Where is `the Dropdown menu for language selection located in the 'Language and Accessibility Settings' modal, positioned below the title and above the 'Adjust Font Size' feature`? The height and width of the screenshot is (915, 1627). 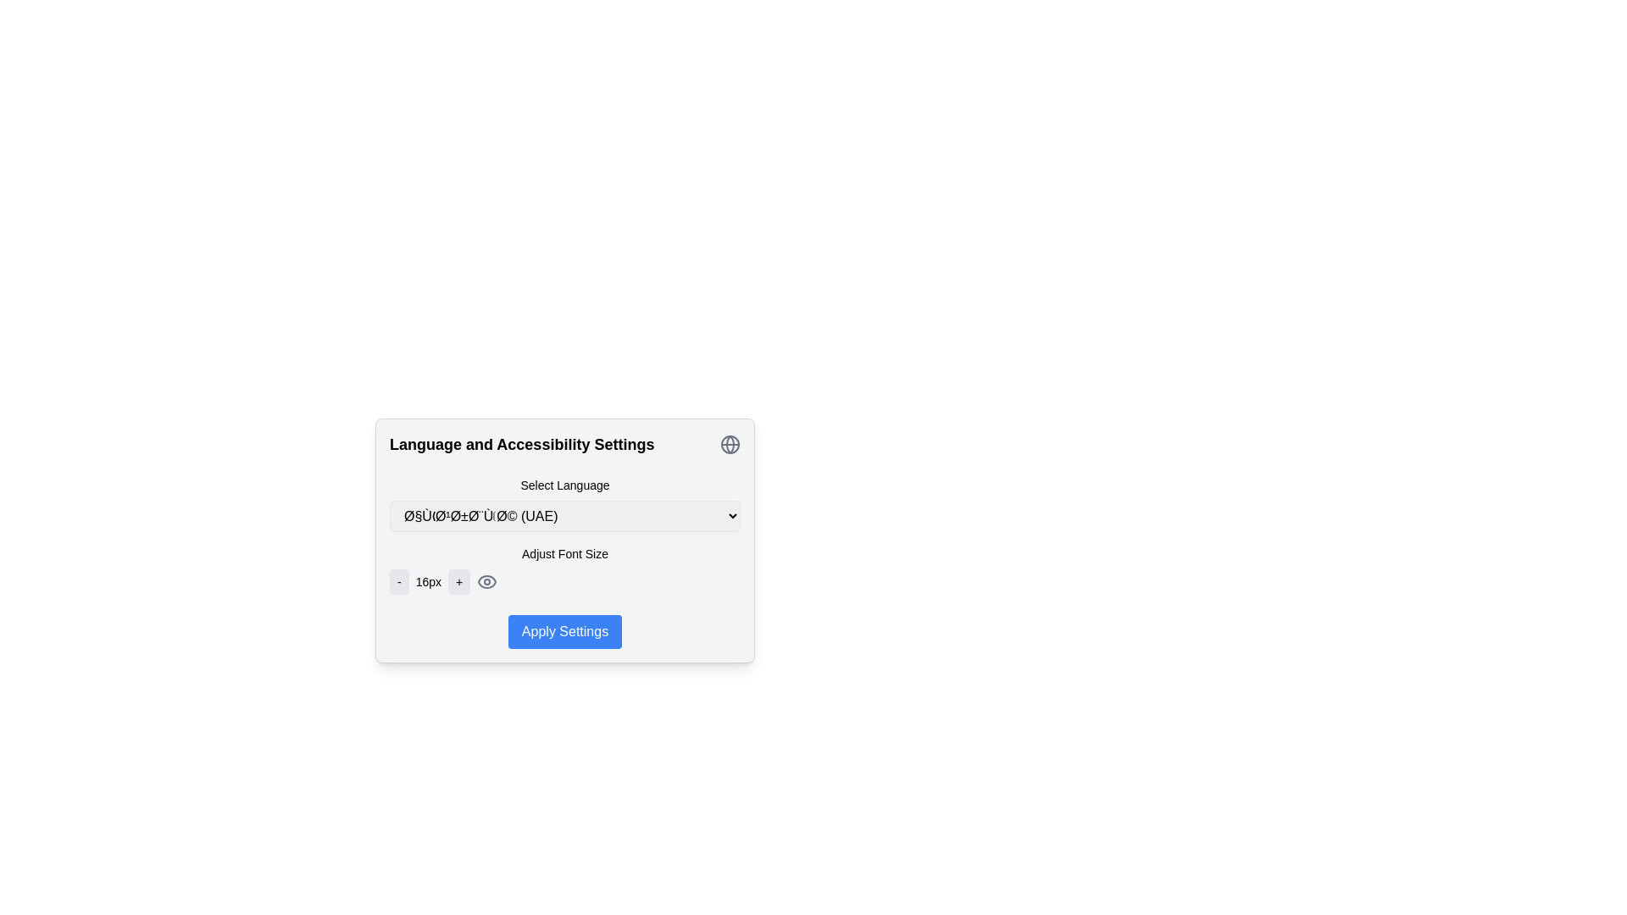 the Dropdown menu for language selection located in the 'Language and Accessibility Settings' modal, positioned below the title and above the 'Adjust Font Size' feature is located at coordinates (565, 502).